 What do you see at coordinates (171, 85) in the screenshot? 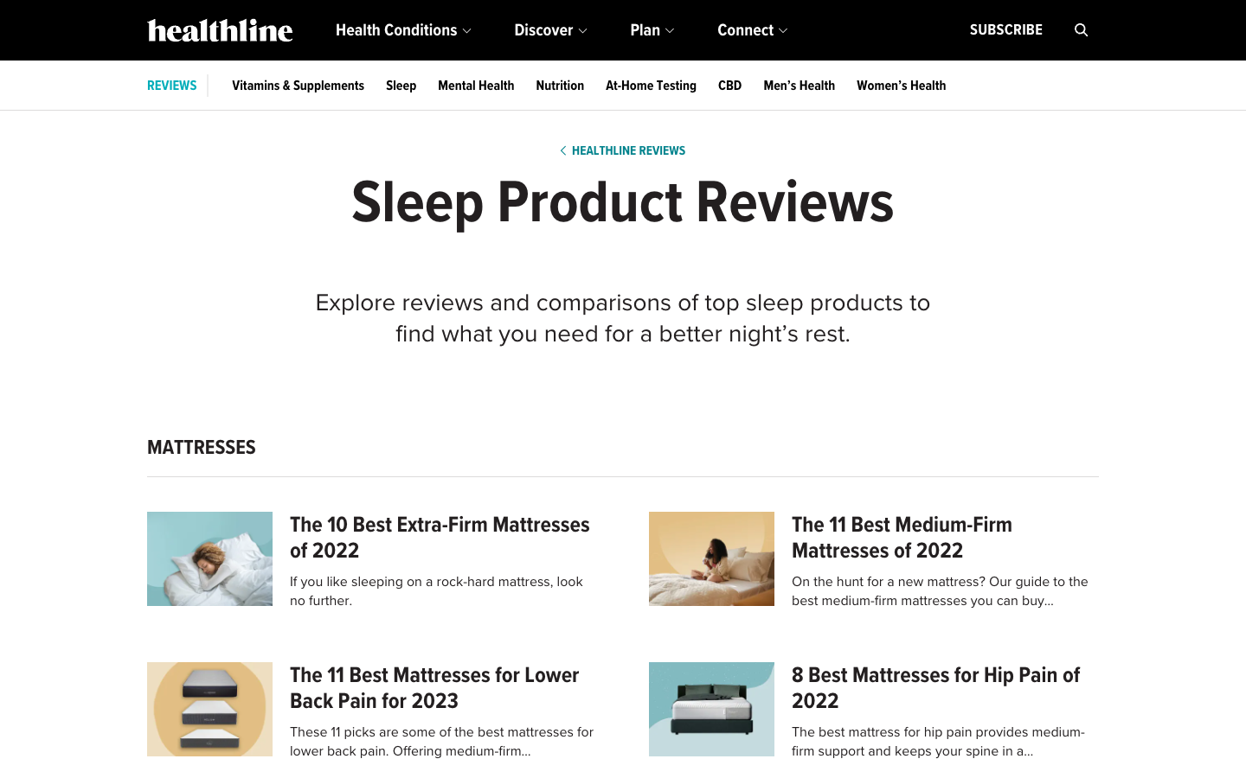
I see `Locate and navigate to the reviews section in blue link` at bounding box center [171, 85].